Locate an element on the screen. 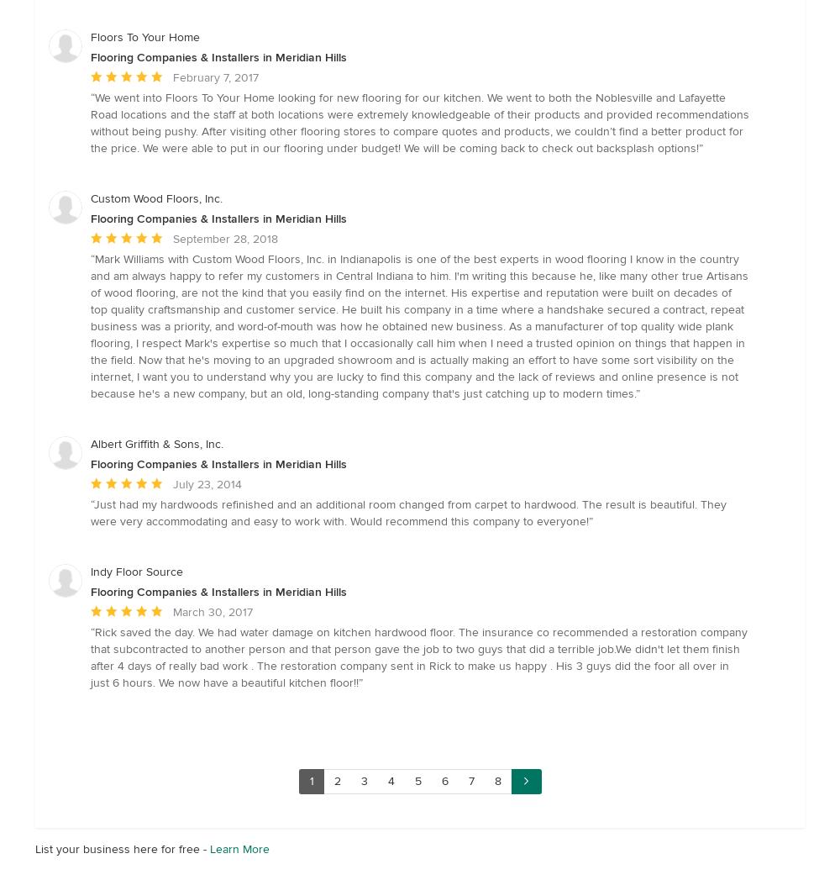 This screenshot has width=840, height=880. 'Just had my hardwoods refinished and an additional room changed from carpet to hardwood.  The result is beautiful.  They were very accommodating and easy to work with. Would recommend this company to everyone!' is located at coordinates (407, 512).